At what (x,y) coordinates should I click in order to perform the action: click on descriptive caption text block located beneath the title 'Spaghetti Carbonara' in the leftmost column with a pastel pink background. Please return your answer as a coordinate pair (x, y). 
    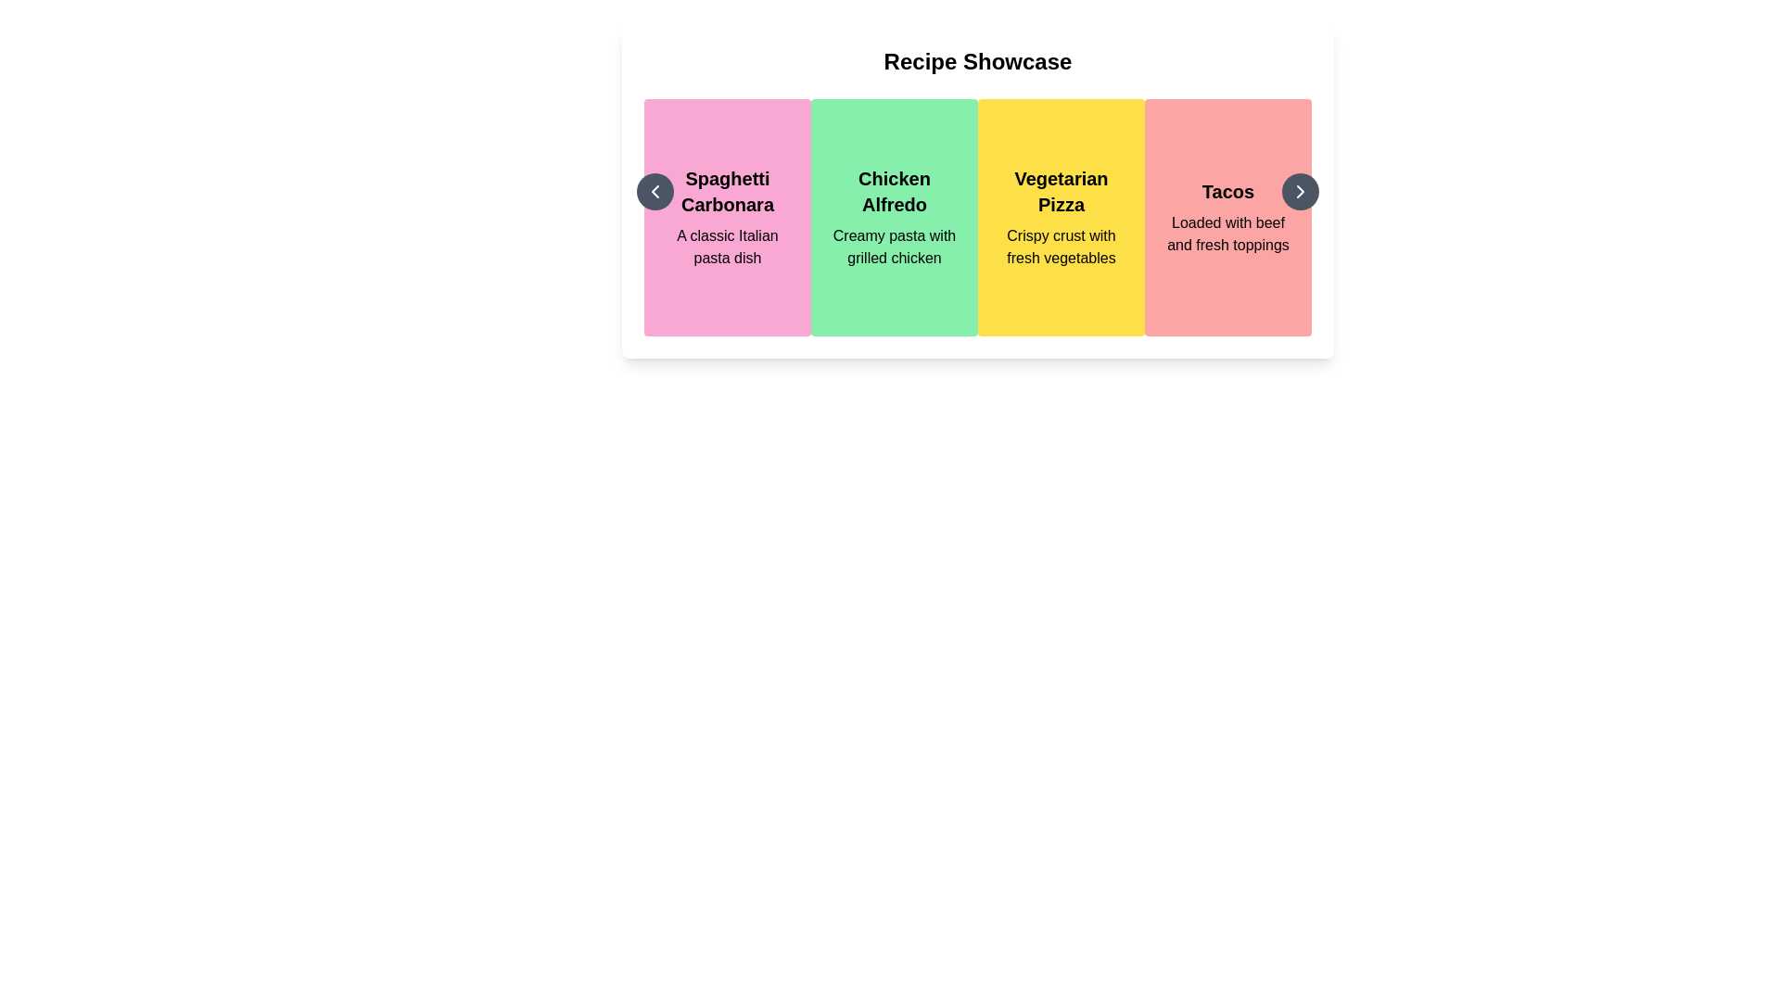
    Looking at the image, I should click on (727, 246).